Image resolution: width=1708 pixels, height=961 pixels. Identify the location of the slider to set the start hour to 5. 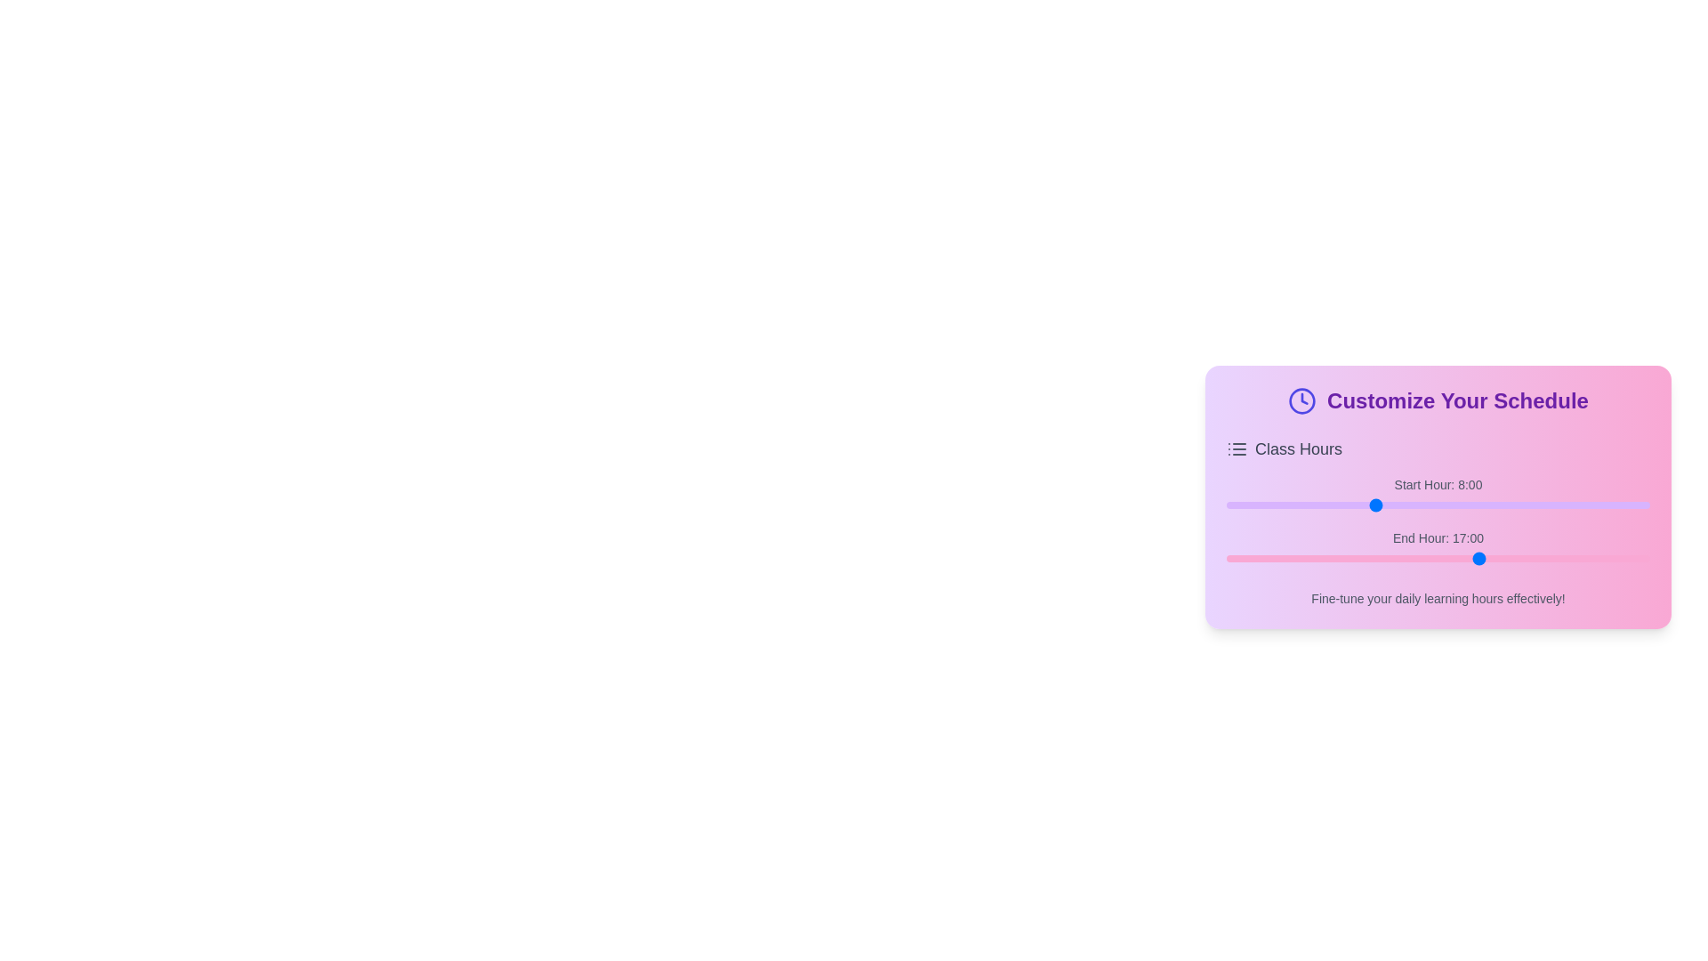
(1318, 505).